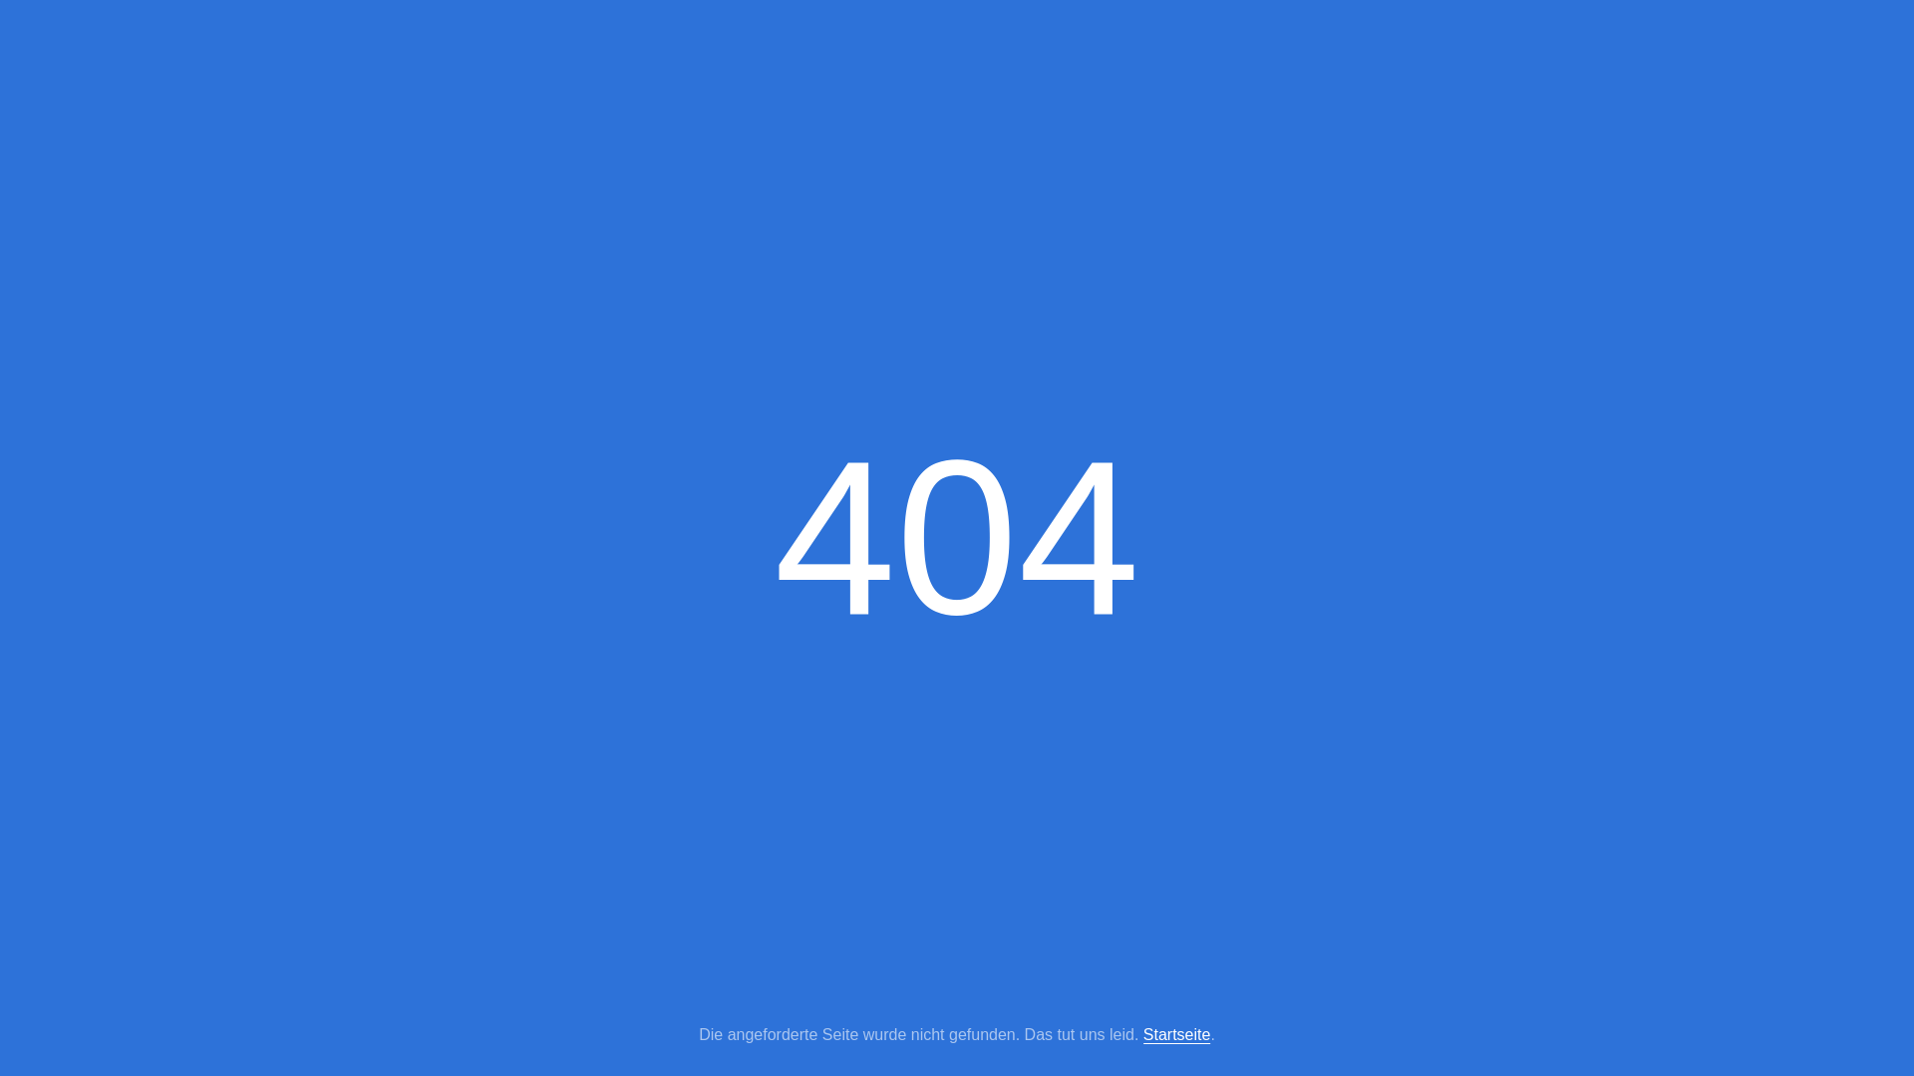 Image resolution: width=1914 pixels, height=1076 pixels. I want to click on 'Startseite', so click(1176, 1033).